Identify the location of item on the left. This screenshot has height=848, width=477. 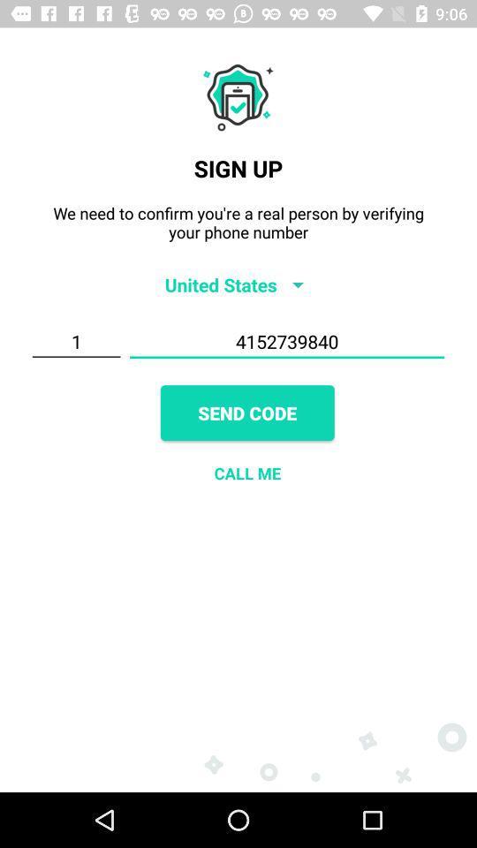
(75, 341).